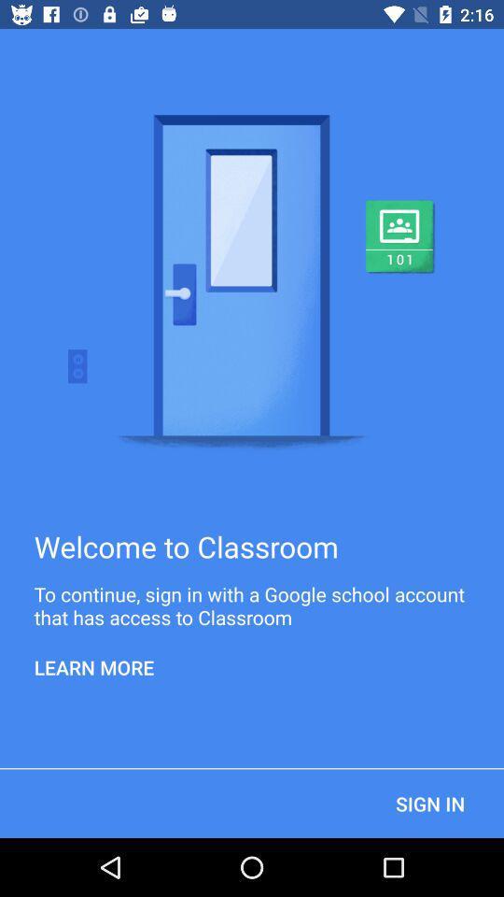  I want to click on item below the to continue sign, so click(93, 667).